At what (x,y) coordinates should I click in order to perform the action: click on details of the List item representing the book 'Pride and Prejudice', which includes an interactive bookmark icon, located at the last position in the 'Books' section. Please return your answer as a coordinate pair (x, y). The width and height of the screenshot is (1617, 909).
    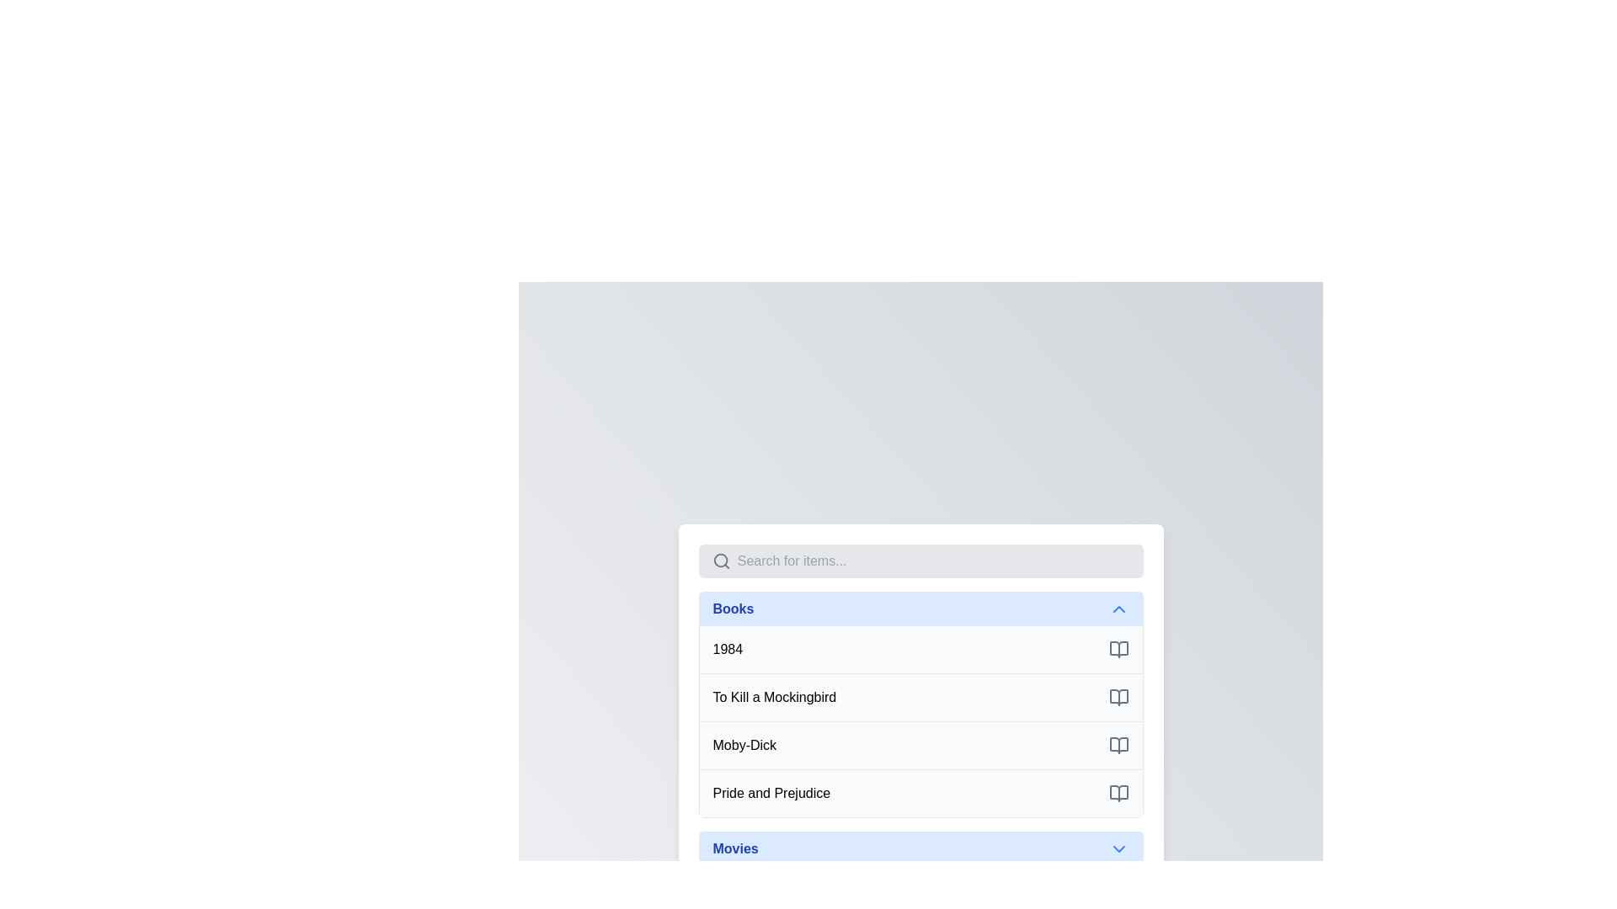
    Looking at the image, I should click on (920, 792).